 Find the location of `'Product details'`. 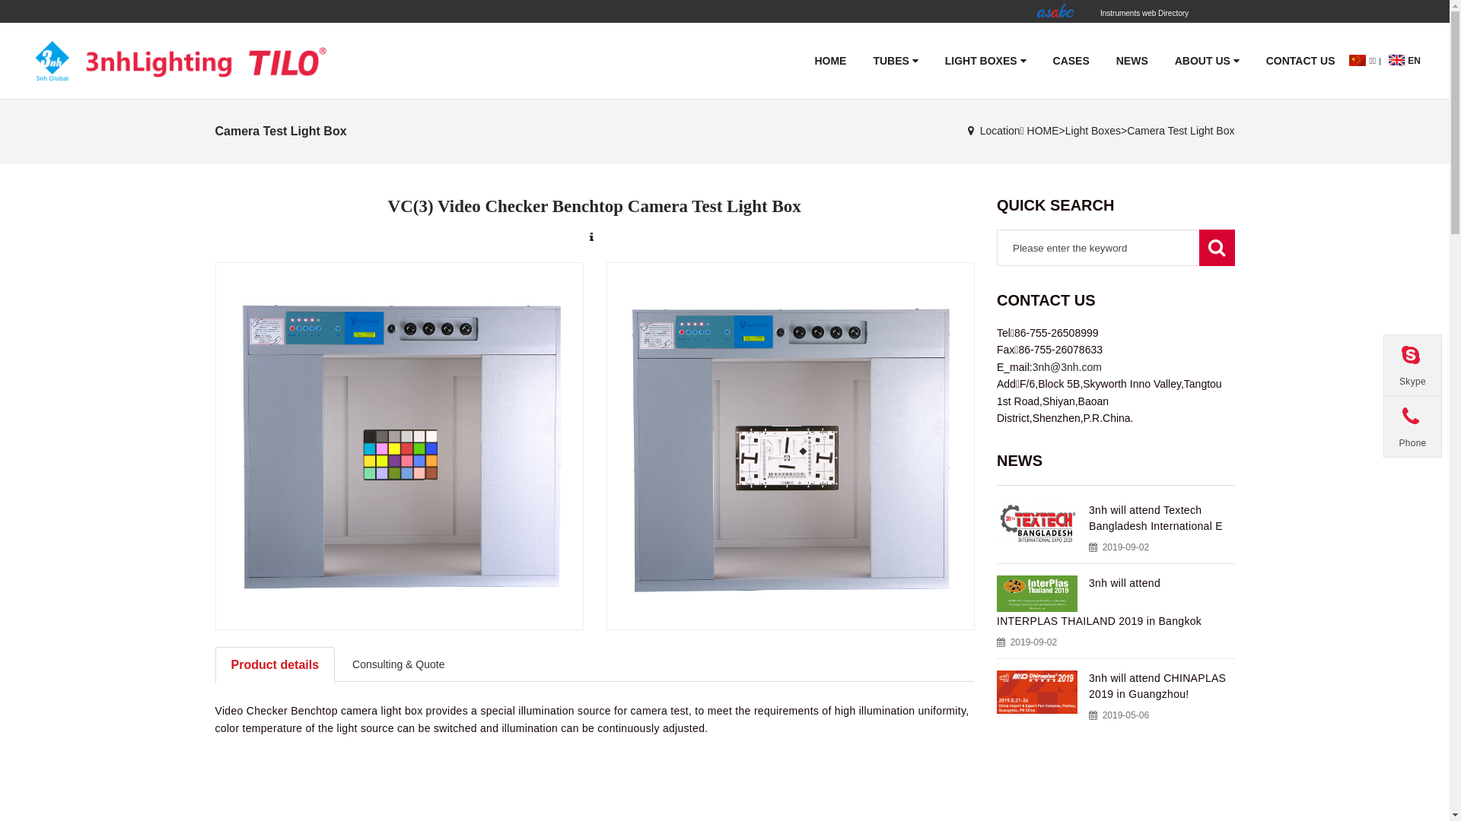

'Product details' is located at coordinates (274, 664).